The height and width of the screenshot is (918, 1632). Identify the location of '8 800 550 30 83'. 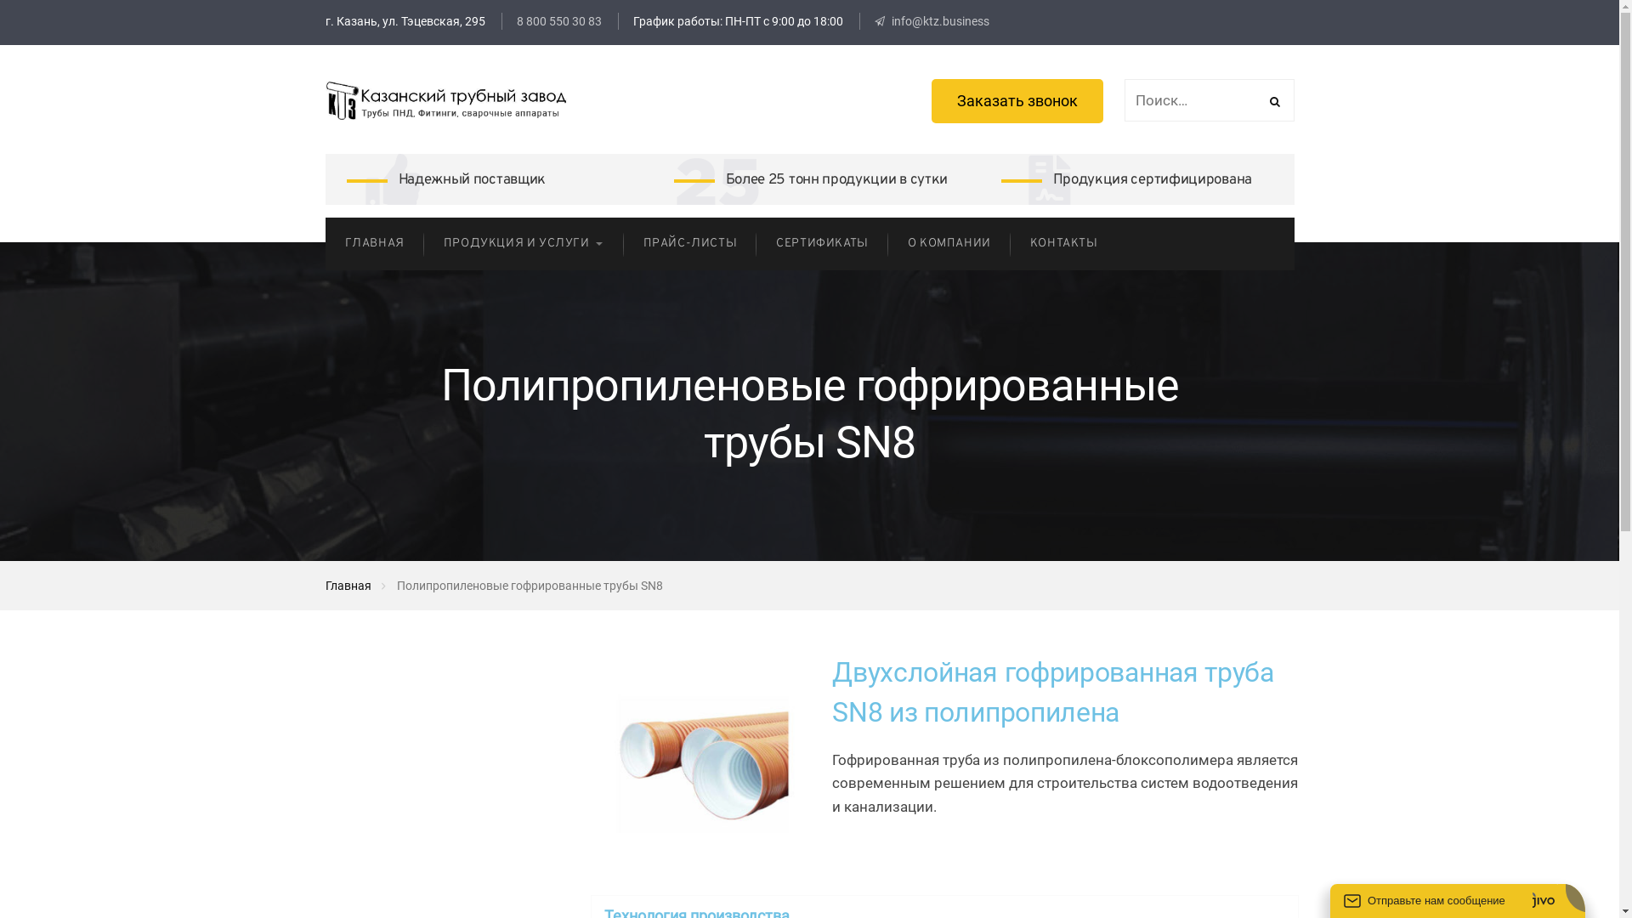
(501, 20).